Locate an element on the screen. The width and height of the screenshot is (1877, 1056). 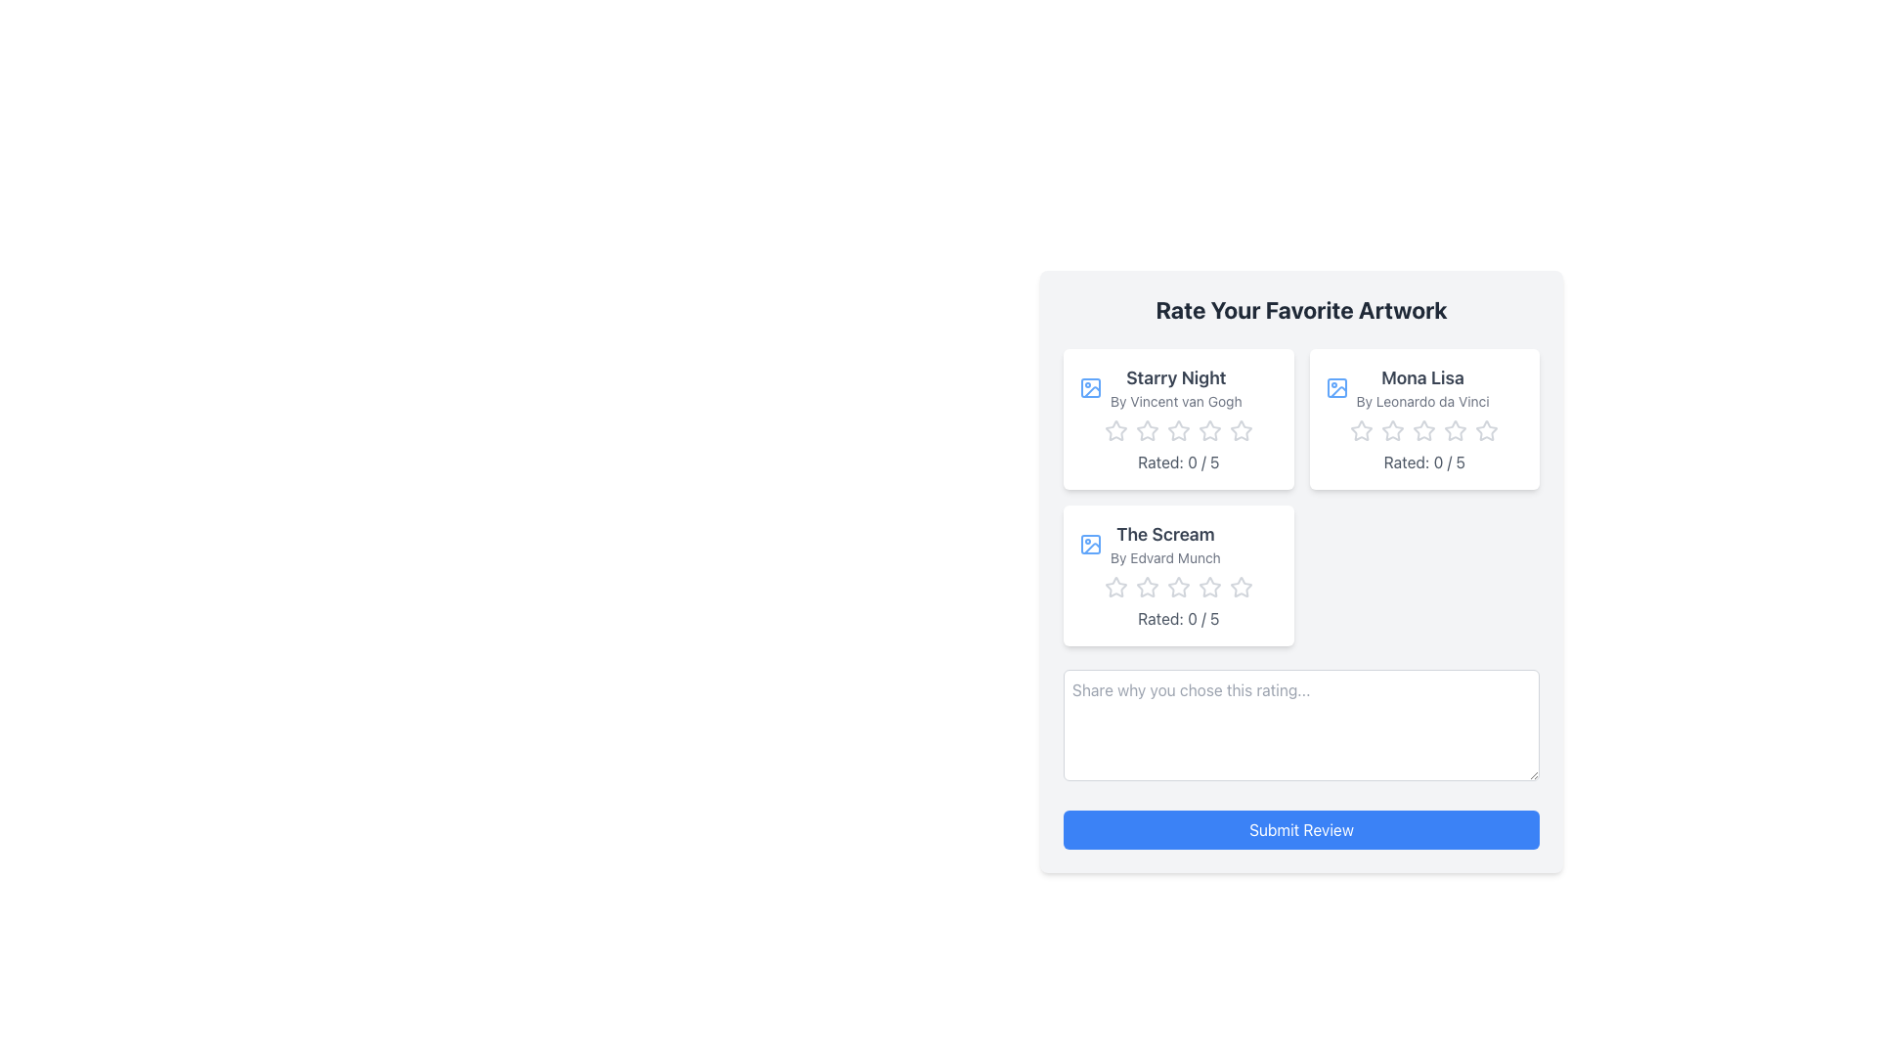
the Decorative graphic element within the SVG icon that depicts a photograph or image-related design, located in the top portion of the card titled 'Rate Your Favorite Artwork', specifically in the card labeled 'The Scream by Edvard Munch' is located at coordinates (1091, 392).